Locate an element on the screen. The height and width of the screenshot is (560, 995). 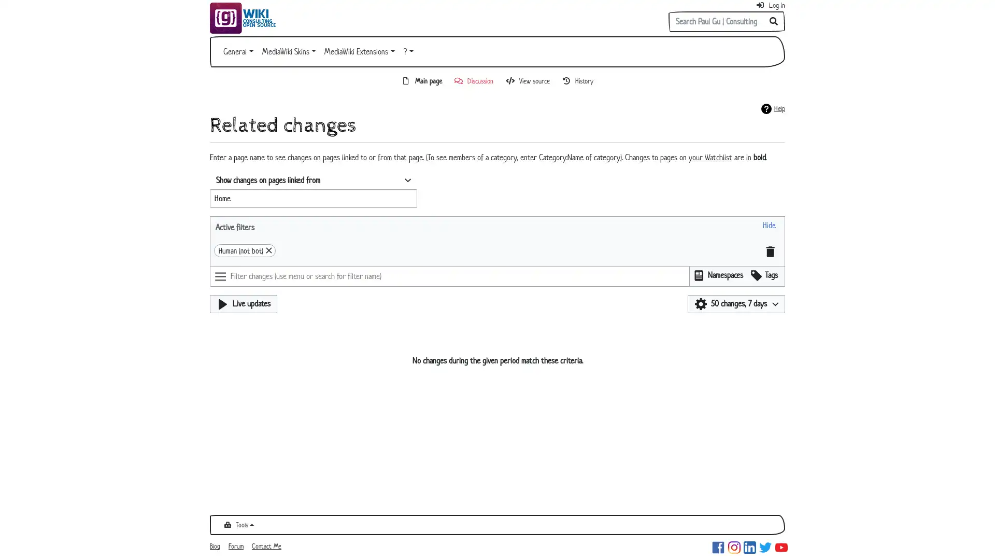
50 changes, 7 days is located at coordinates (735, 303).